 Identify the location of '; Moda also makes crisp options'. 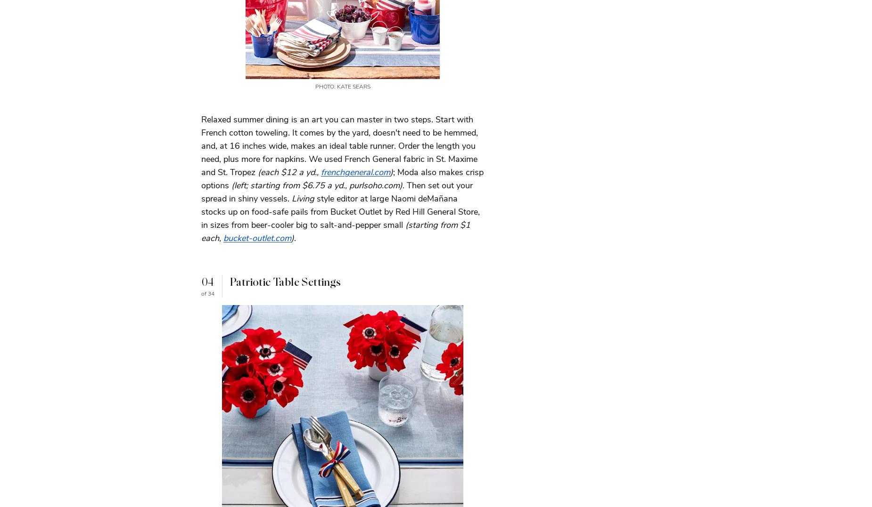
(200, 178).